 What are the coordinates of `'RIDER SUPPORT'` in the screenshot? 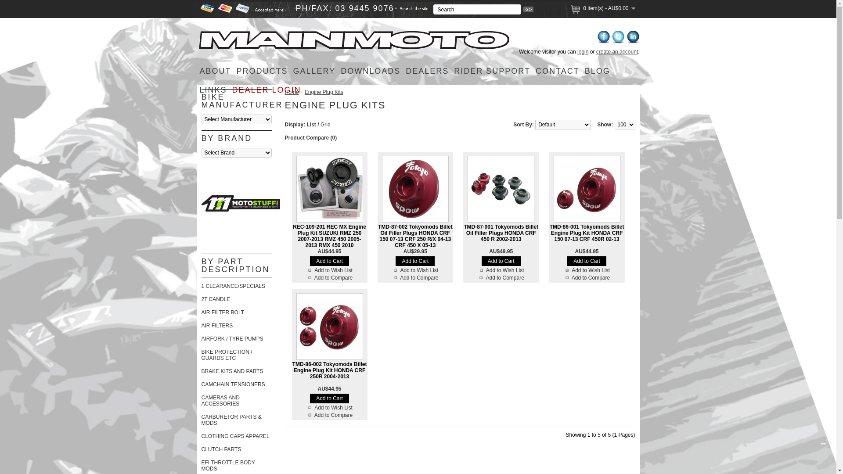 It's located at (492, 71).